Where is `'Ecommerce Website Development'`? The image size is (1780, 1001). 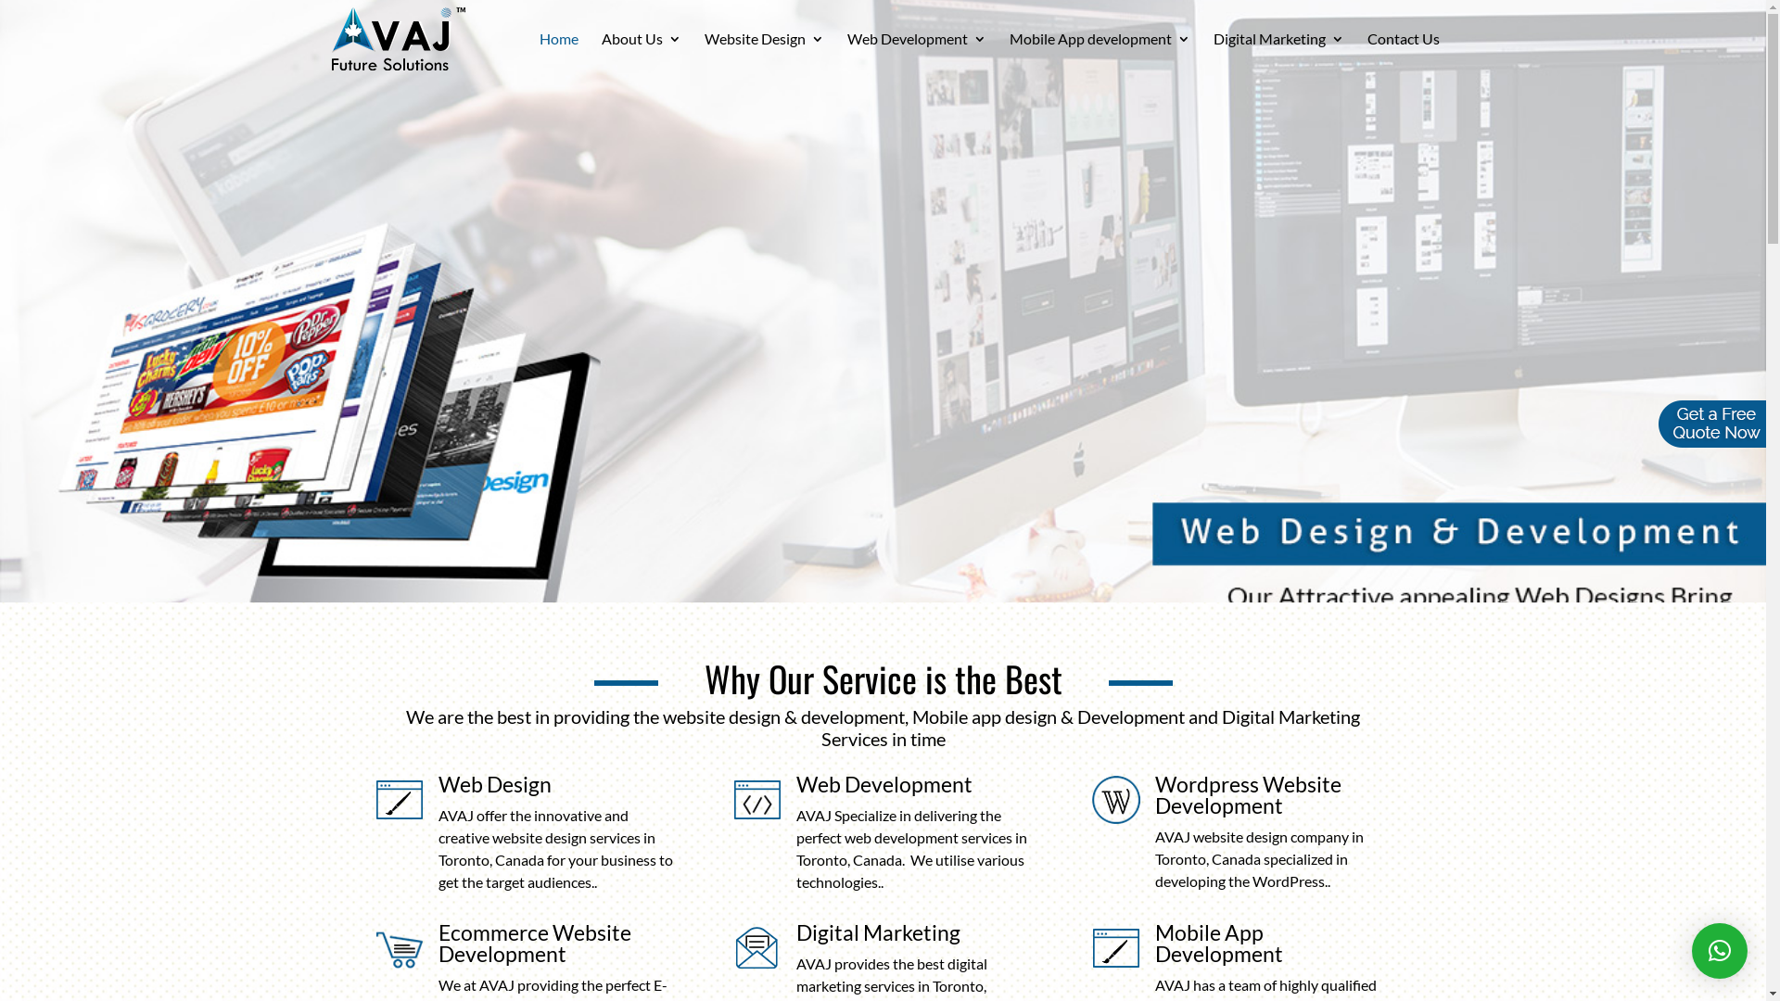
'Ecommerce Website Development' is located at coordinates (436, 943).